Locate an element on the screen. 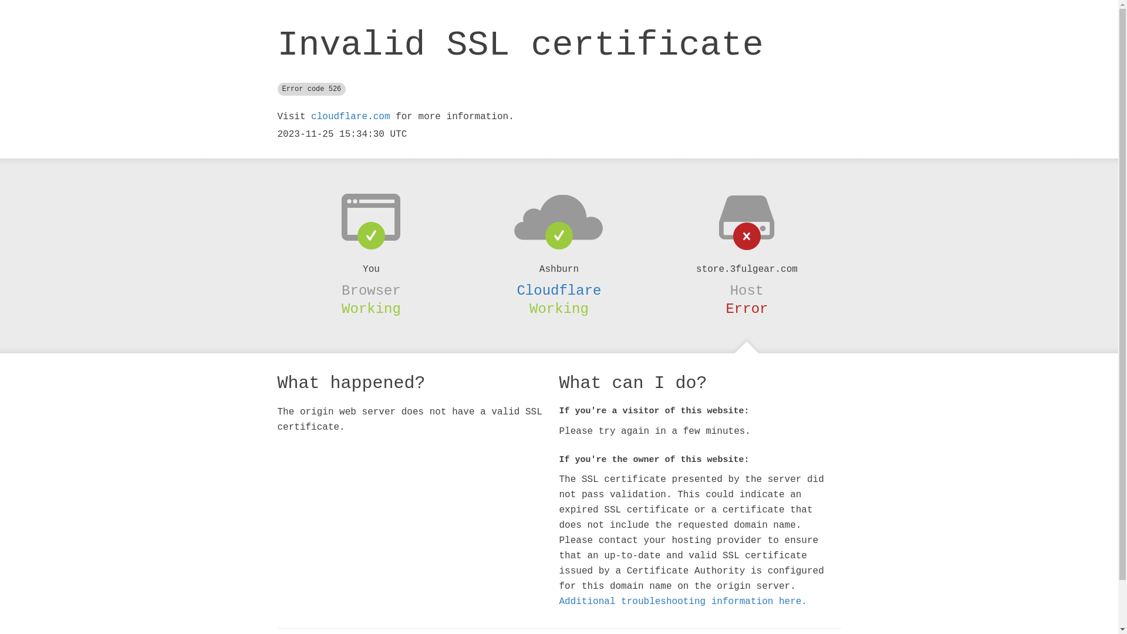 The width and height of the screenshot is (1127, 634). 'Additional troubleshooting information here.' is located at coordinates (682, 602).